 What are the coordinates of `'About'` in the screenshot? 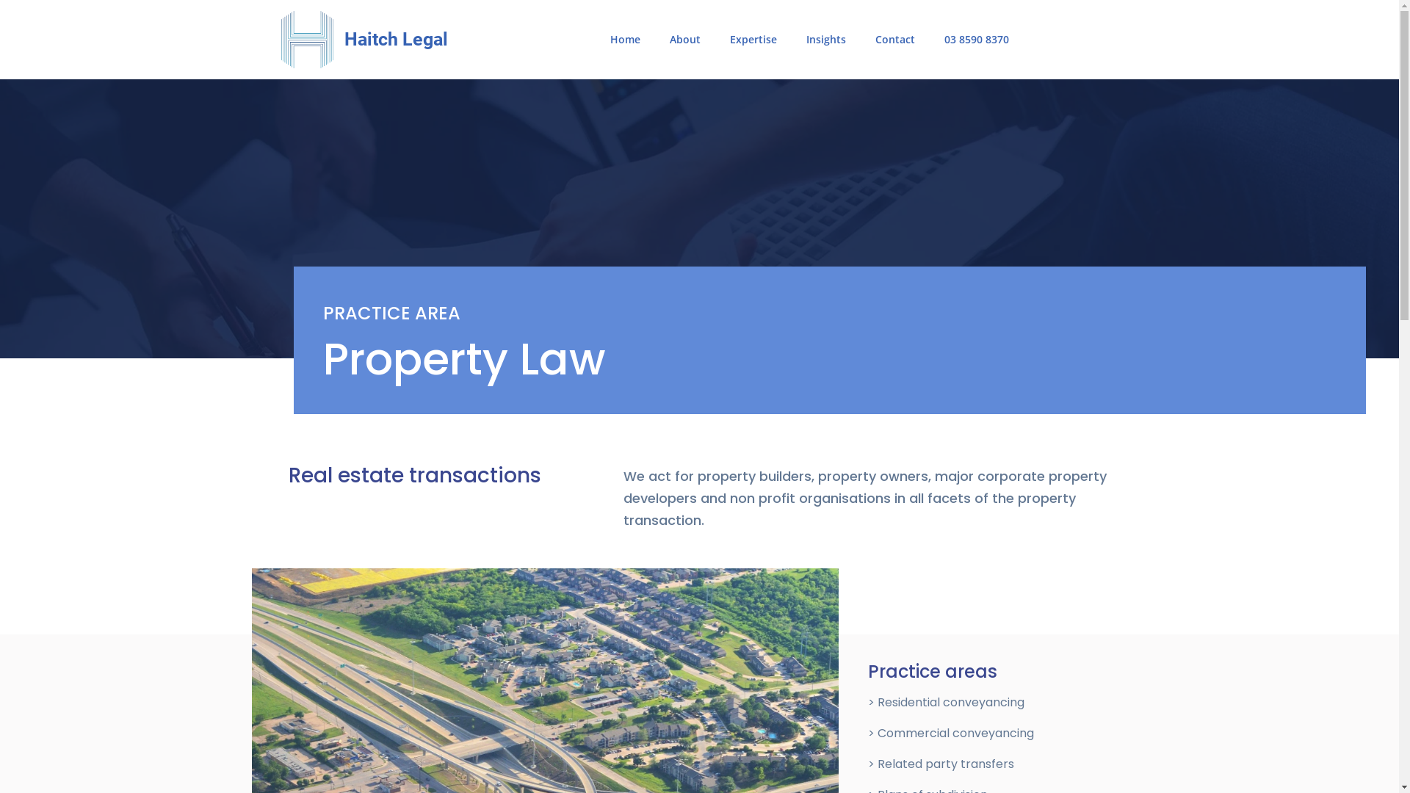 It's located at (654, 39).